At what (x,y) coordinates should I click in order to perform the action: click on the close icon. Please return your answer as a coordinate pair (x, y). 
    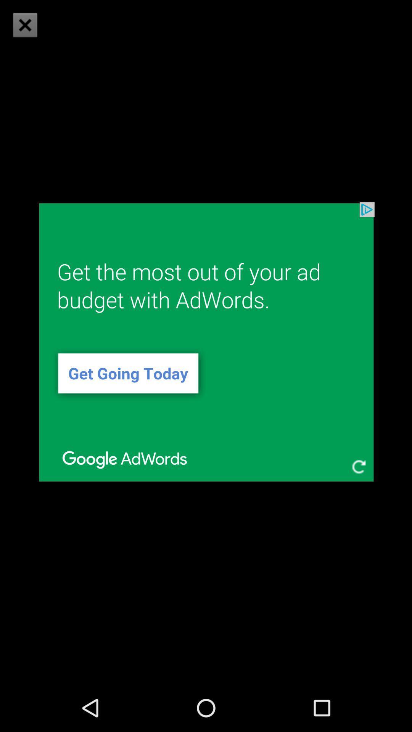
    Looking at the image, I should click on (35, 37).